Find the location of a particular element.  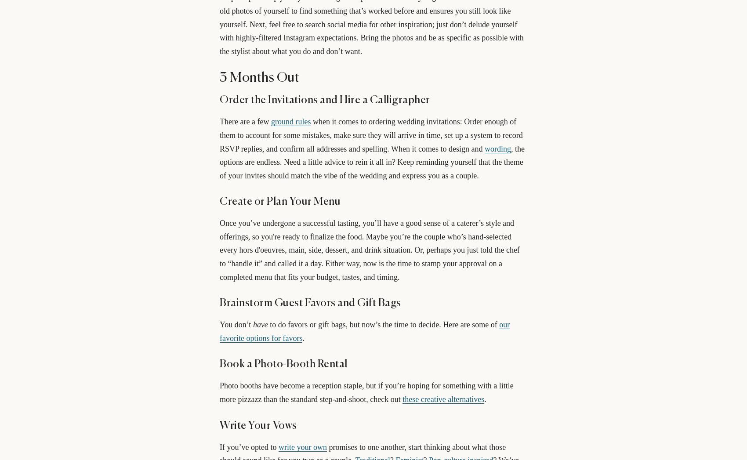

'Book a Photo-Booth Rental' is located at coordinates (283, 364).